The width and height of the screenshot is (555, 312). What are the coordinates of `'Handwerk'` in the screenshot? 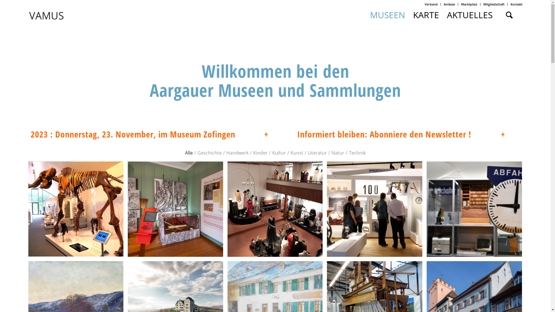 It's located at (237, 145).